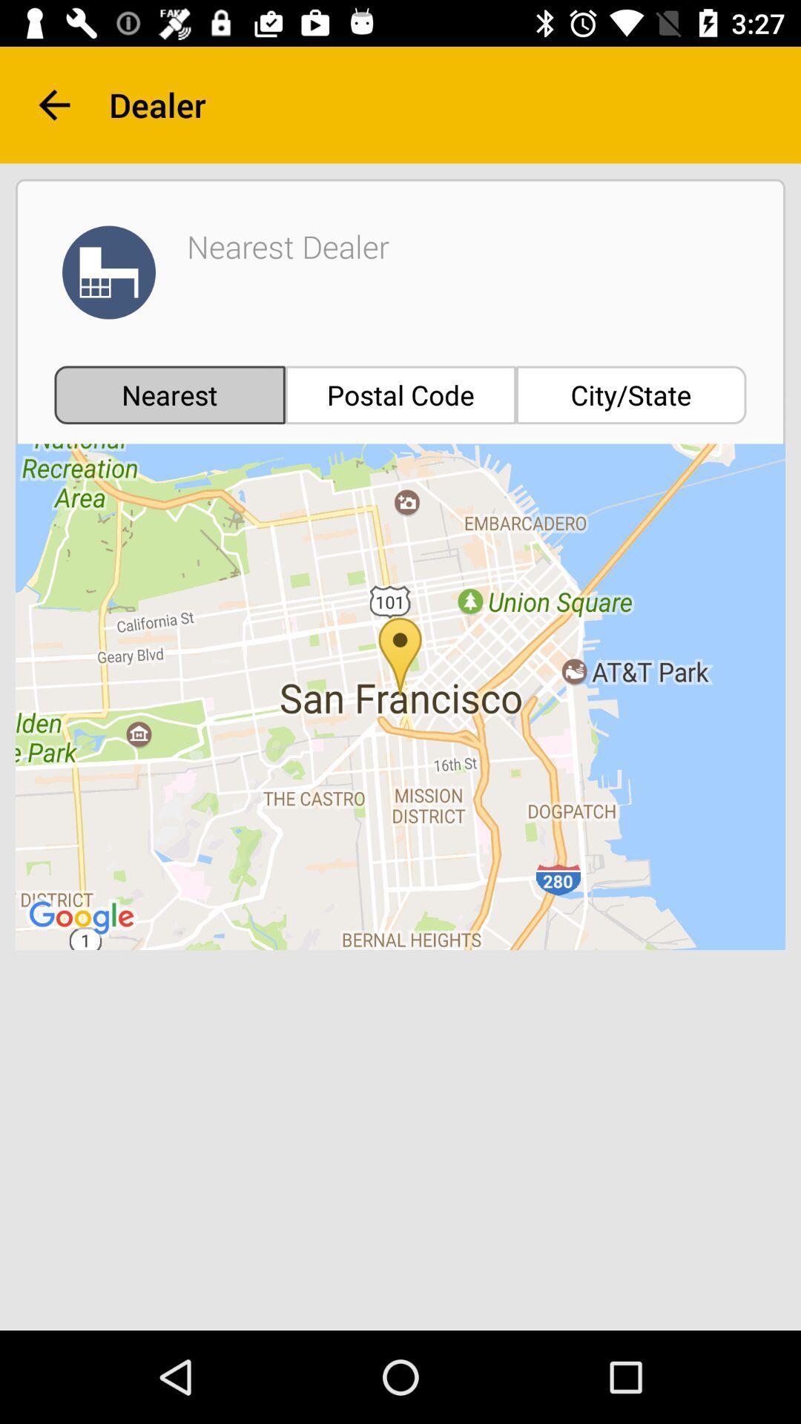 The width and height of the screenshot is (801, 1424). Describe the element at coordinates (400, 395) in the screenshot. I see `the item next to the nearest item` at that location.